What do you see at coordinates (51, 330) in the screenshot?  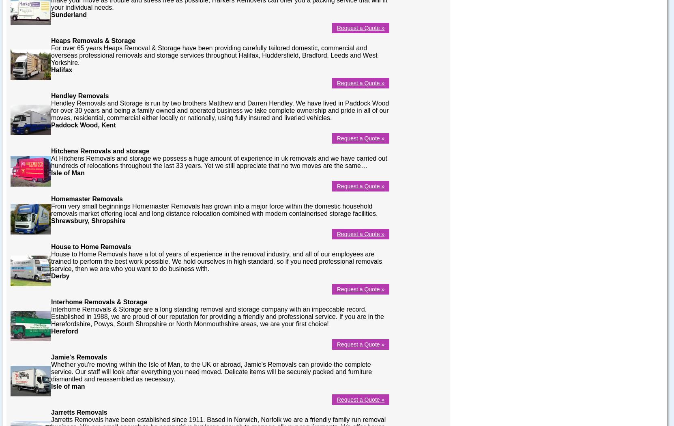 I see `'Hereford'` at bounding box center [51, 330].